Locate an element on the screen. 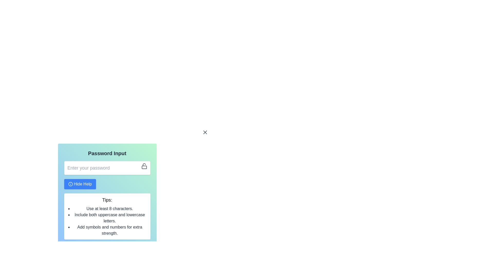  the curved line of the open lock icon, which is located to the right of the password input field and represents the top section of the lock's shackle is located at coordinates (144, 165).